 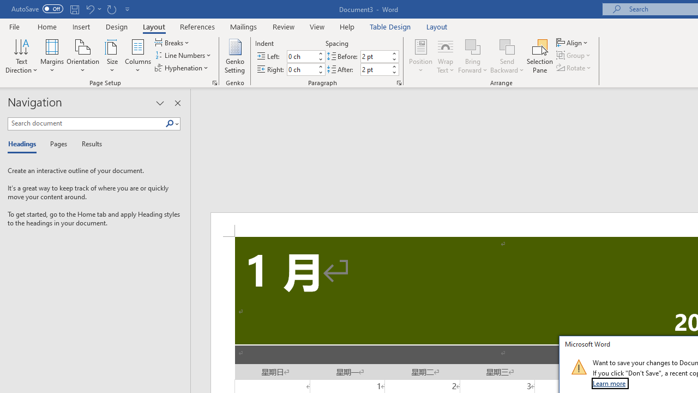 What do you see at coordinates (82, 56) in the screenshot?
I see `'Orientation'` at bounding box center [82, 56].